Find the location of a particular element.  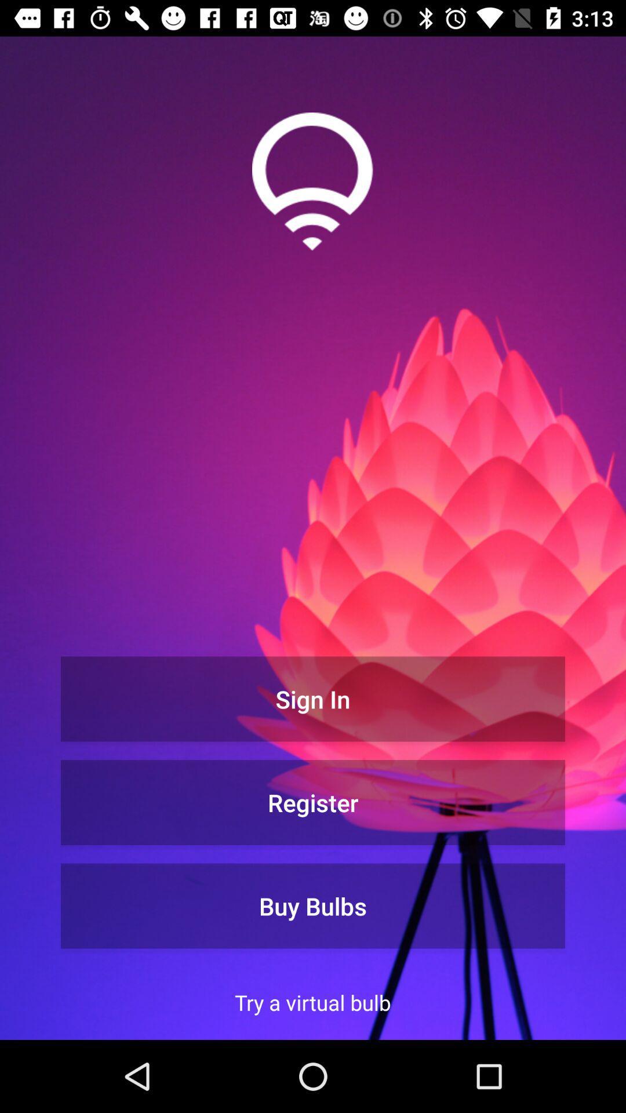

register button is located at coordinates (313, 802).